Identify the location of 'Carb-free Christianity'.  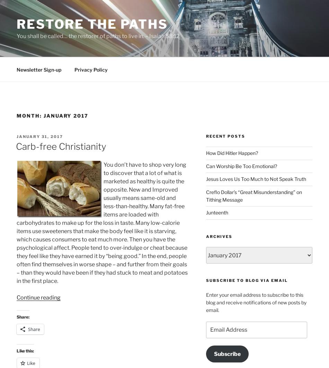
(61, 146).